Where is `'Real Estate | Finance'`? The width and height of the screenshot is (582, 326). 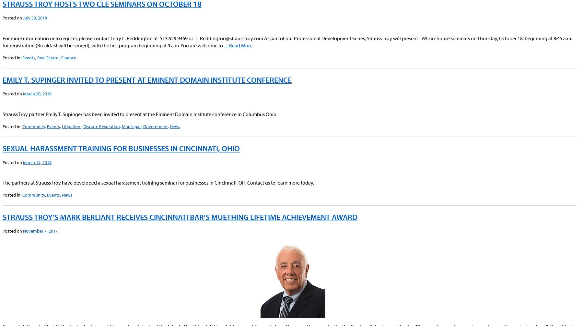 'Real Estate | Finance' is located at coordinates (56, 57).